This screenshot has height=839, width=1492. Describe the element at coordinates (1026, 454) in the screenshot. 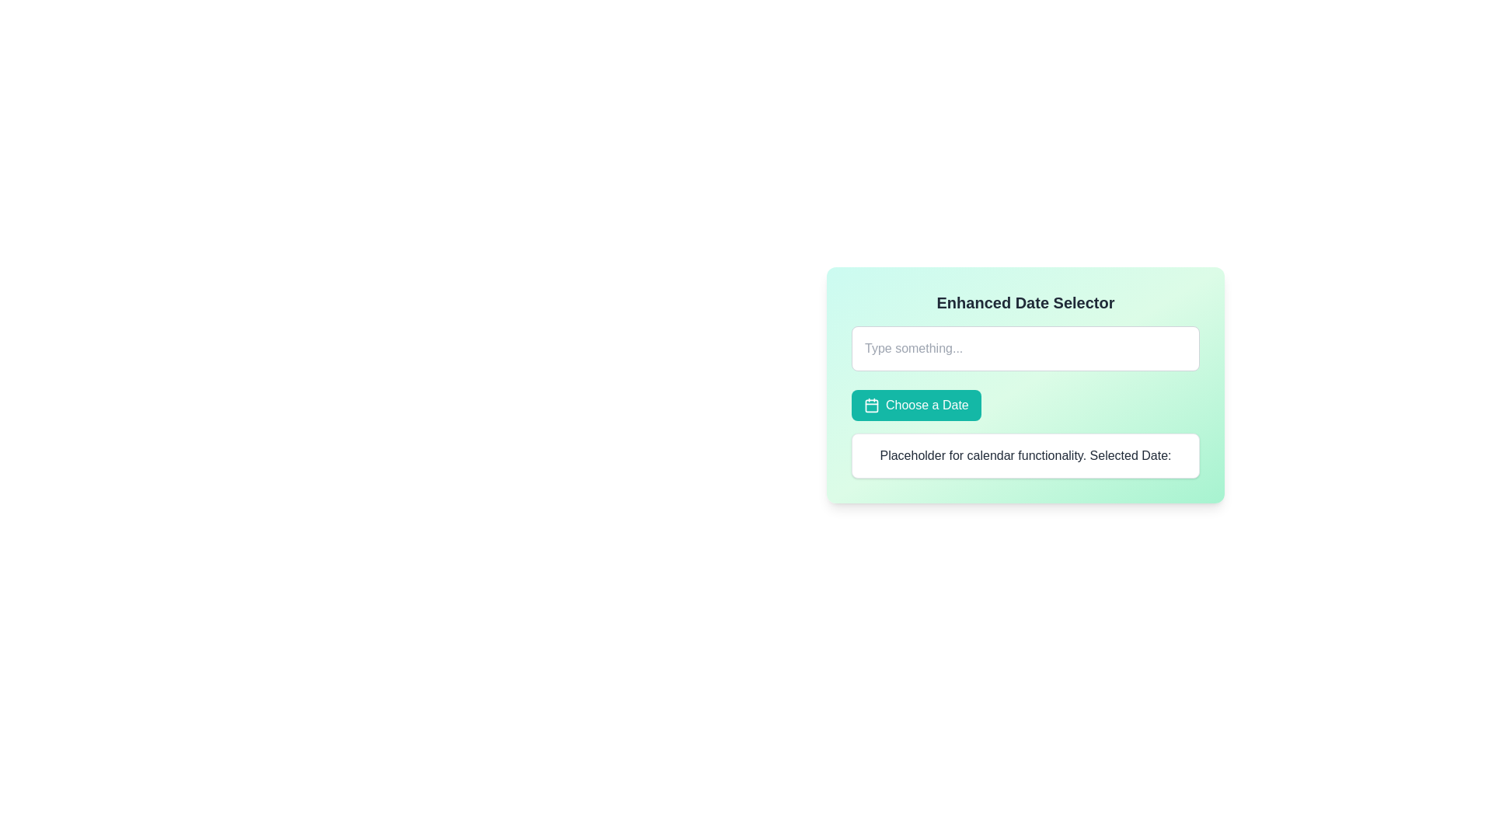

I see `the static text element providing information for the calendar functionality located underneath the 'Choose a Date' button in the 'Enhanced Date Selector' card` at that location.